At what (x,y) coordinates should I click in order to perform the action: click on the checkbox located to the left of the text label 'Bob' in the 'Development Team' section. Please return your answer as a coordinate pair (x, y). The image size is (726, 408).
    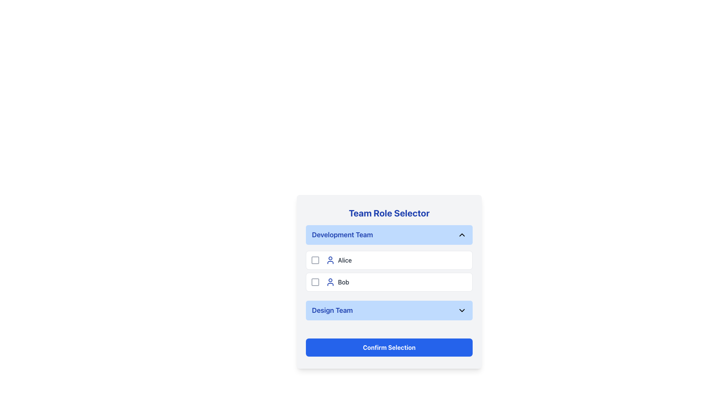
    Looking at the image, I should click on (315, 282).